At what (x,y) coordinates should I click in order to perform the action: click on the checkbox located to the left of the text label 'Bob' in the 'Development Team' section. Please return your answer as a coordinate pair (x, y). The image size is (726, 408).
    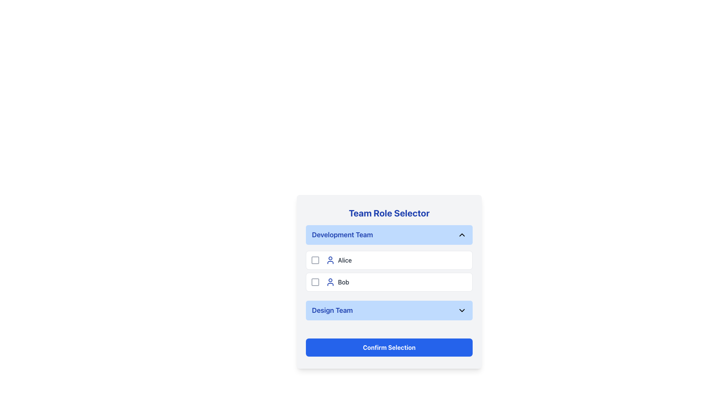
    Looking at the image, I should click on (315, 282).